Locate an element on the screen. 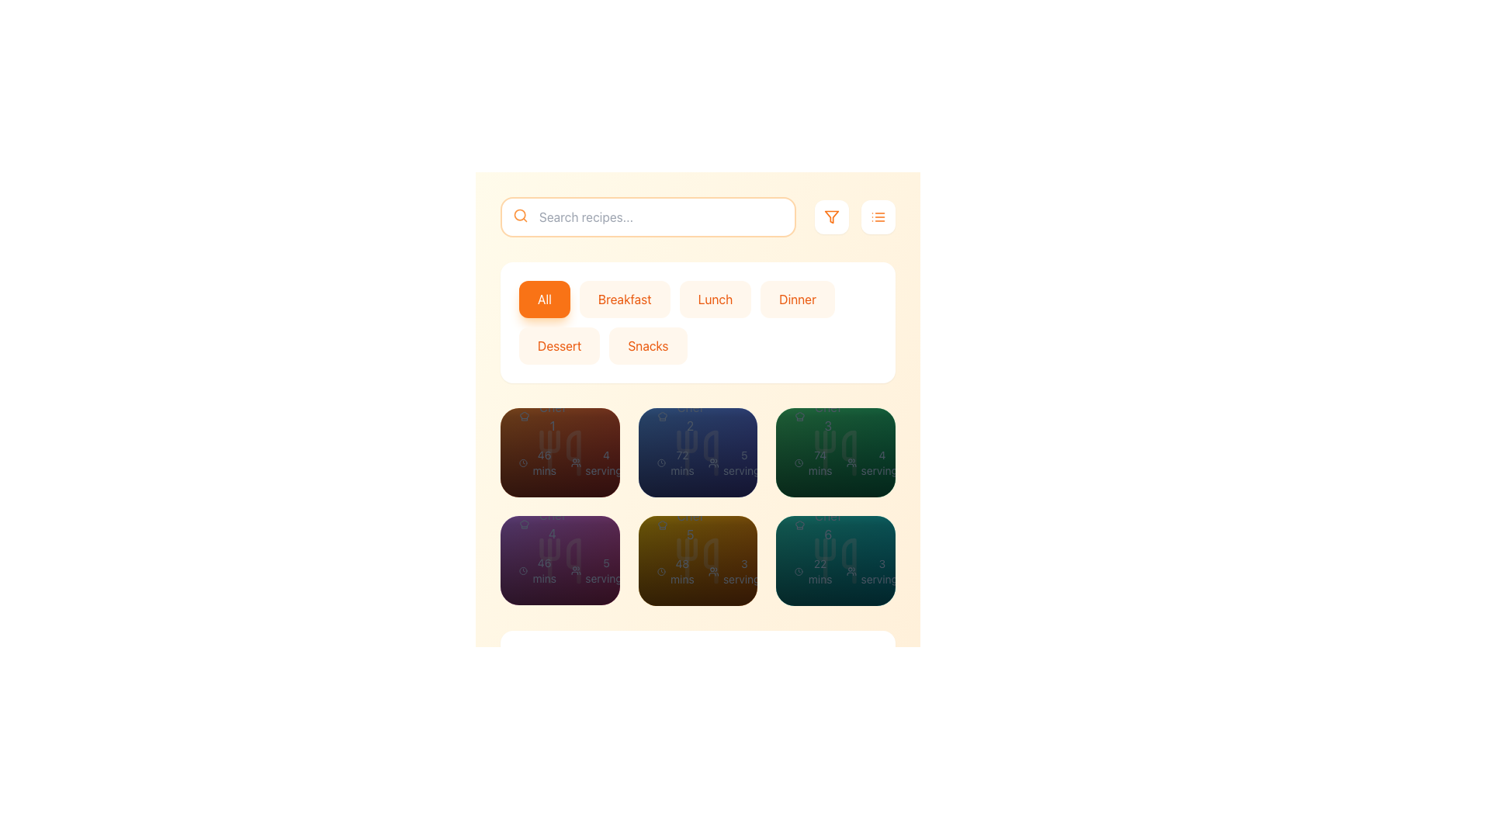 The width and height of the screenshot is (1490, 838). the informational text '4 servings' with gray font on a dark green background, accompanied by a small icon of user silhouettes, located in the fourth column of the top row of the grid layout is located at coordinates (875, 462).